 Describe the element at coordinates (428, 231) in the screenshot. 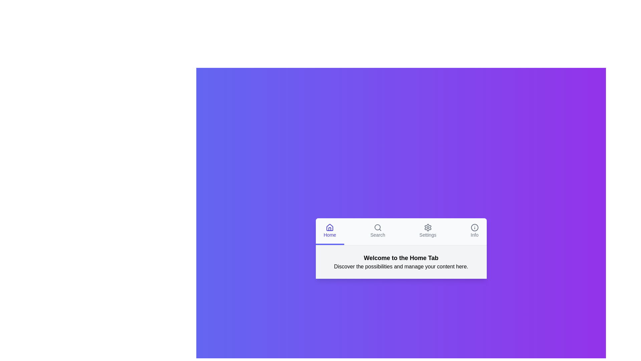

I see `the 'Settings' tab navigation item, which is the third tab from the left in the horizontal menu, featuring a gear icon and the text 'Settings'` at that location.